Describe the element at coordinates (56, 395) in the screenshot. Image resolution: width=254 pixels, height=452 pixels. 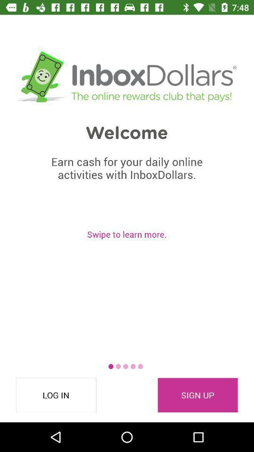
I see `the icon to the left of sign up` at that location.